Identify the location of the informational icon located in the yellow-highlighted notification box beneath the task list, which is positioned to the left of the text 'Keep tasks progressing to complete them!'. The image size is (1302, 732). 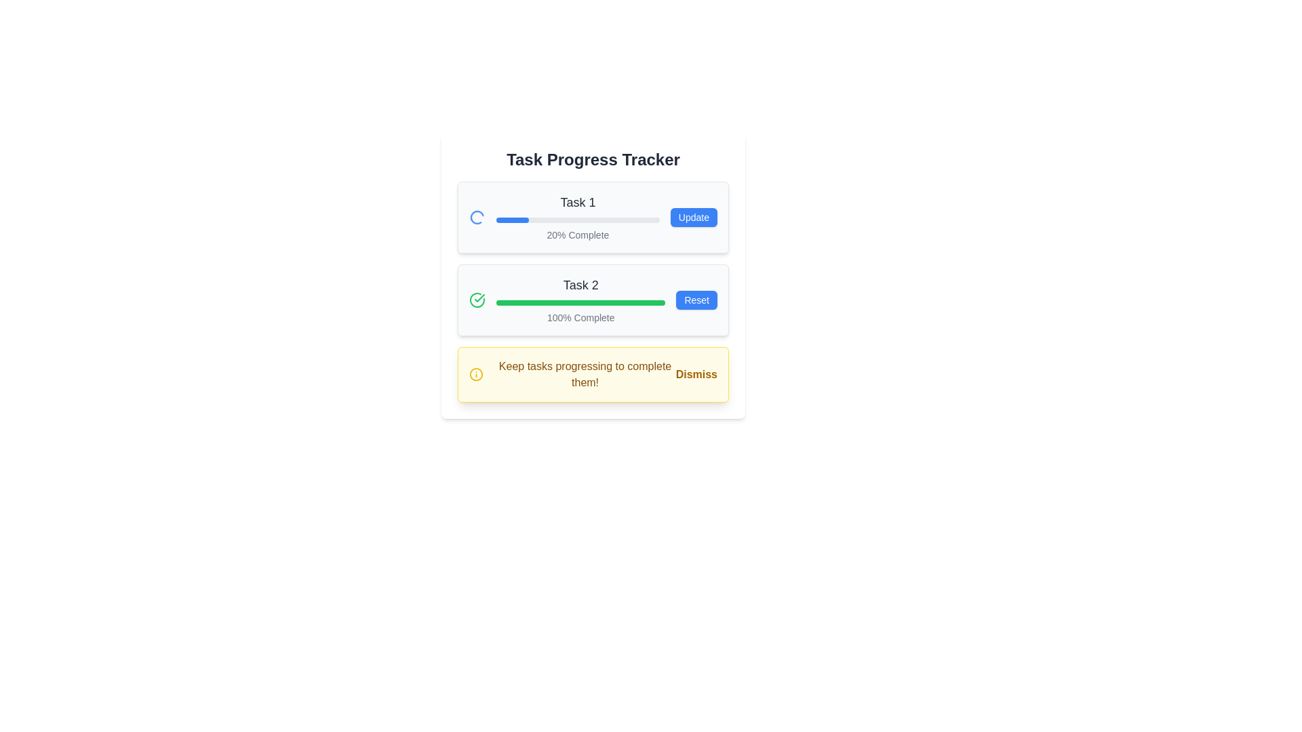
(476, 374).